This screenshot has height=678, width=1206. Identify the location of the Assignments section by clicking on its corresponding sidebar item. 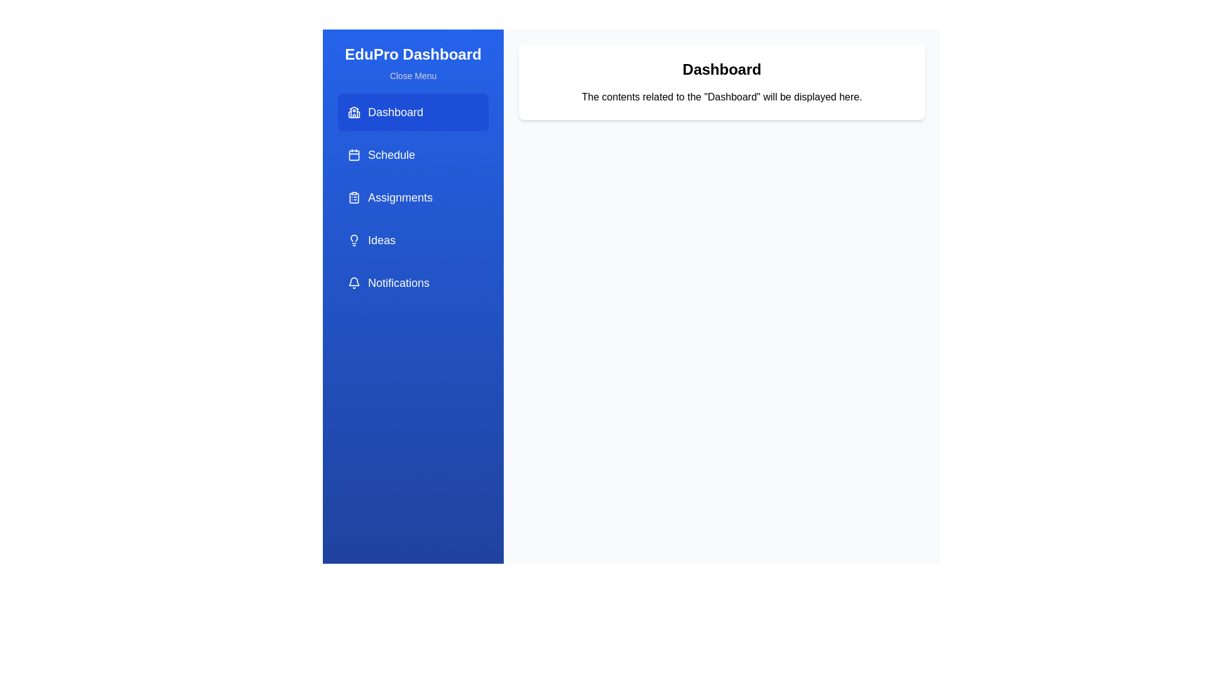
(413, 198).